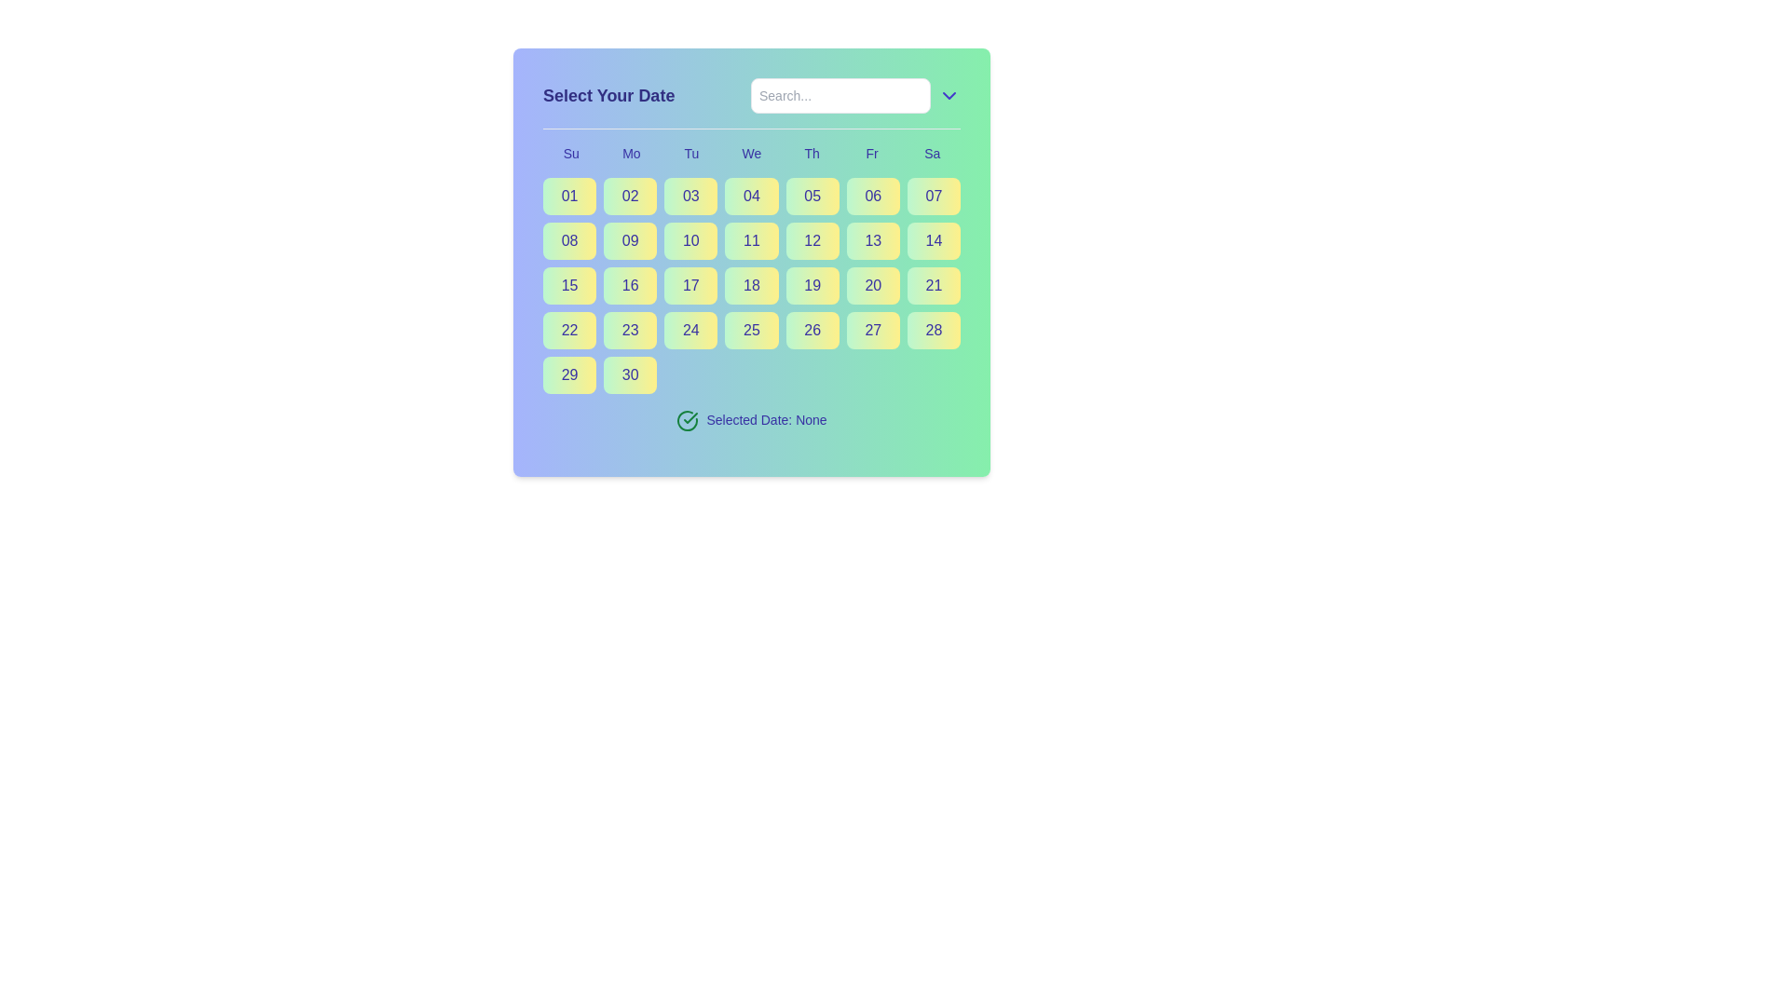  Describe the element at coordinates (687, 420) in the screenshot. I see `the visual indicator icon located to the left of the text 'Selected Date: None', which confirms a successful selection or completion of an action` at that location.